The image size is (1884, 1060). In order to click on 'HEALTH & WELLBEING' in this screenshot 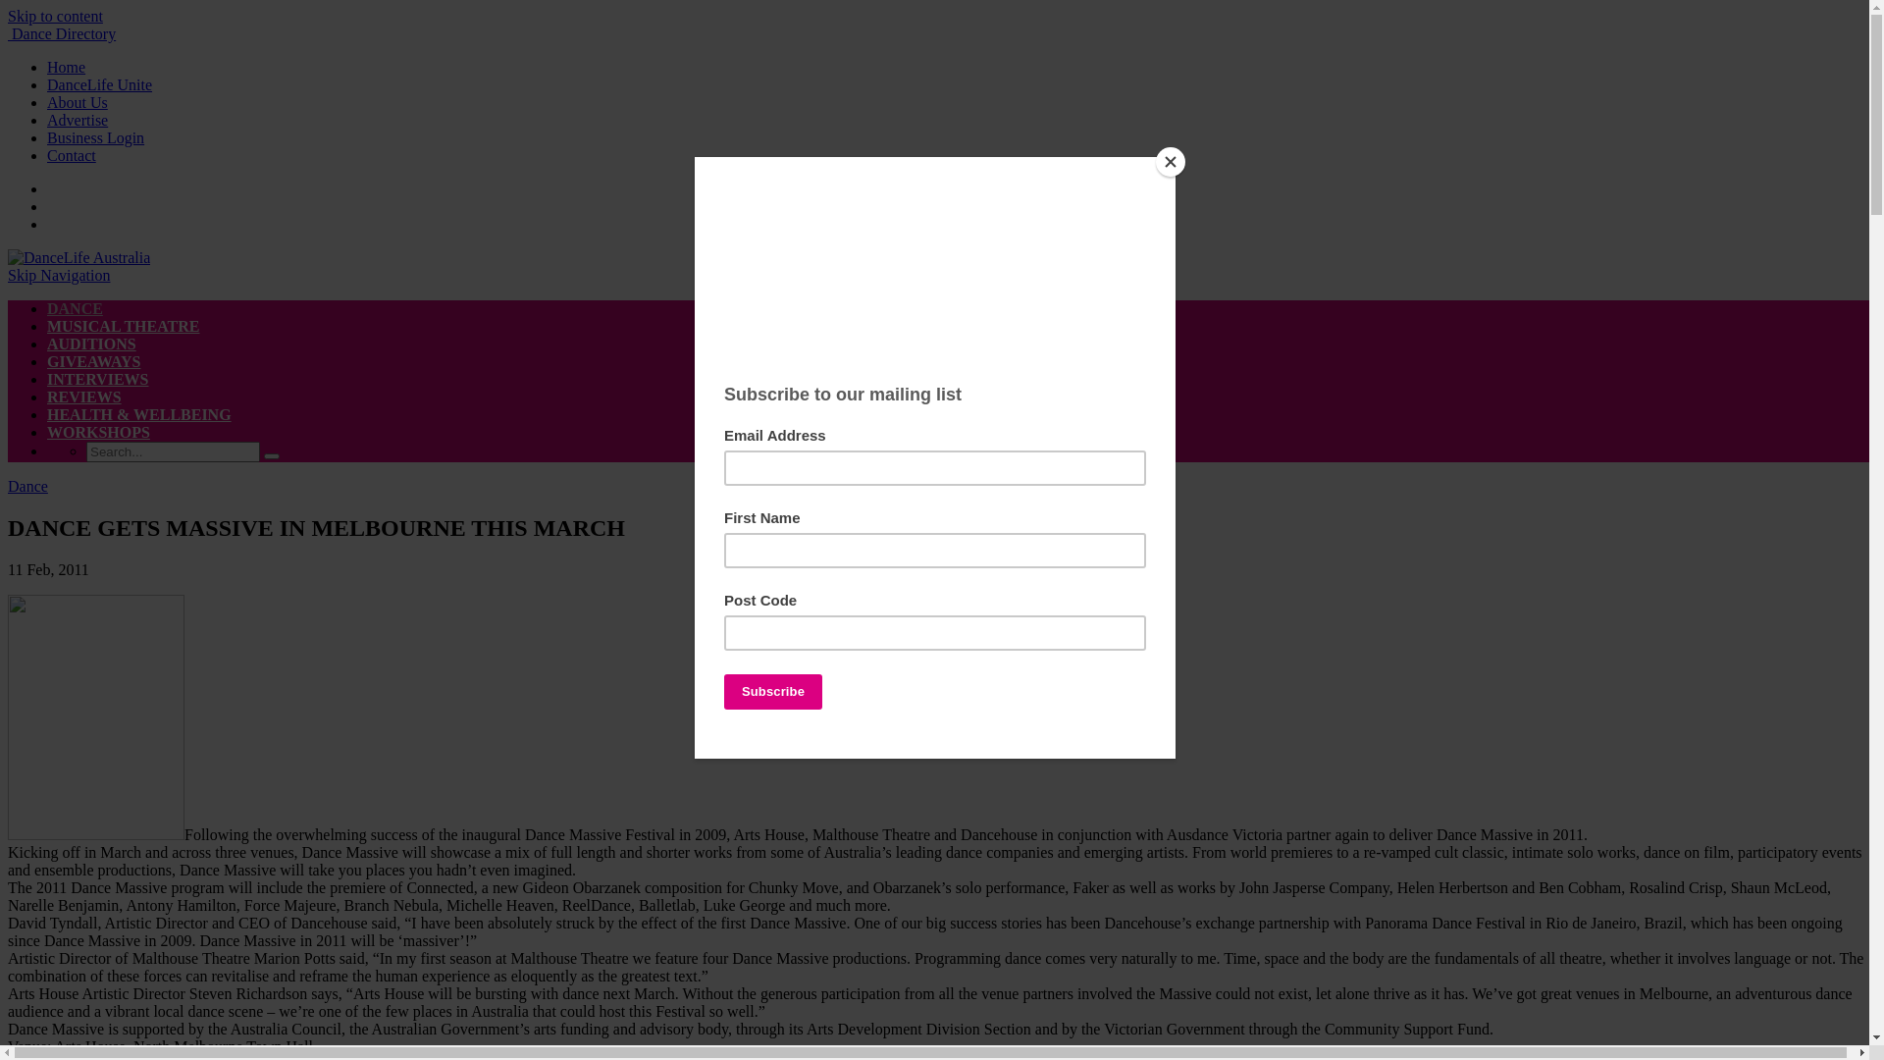, I will do `click(138, 413)`.